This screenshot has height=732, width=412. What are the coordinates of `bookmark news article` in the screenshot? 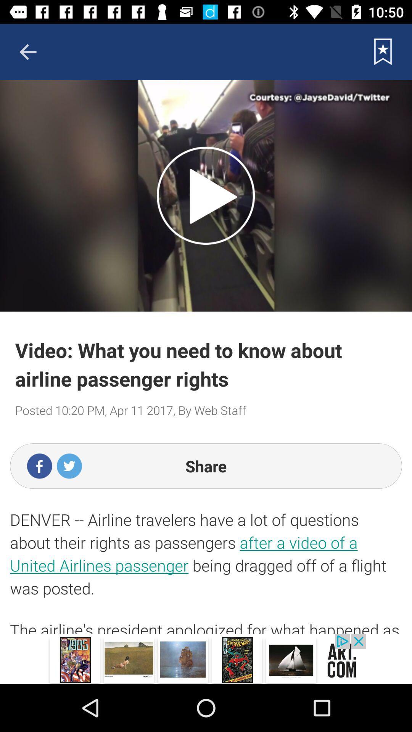 It's located at (383, 51).